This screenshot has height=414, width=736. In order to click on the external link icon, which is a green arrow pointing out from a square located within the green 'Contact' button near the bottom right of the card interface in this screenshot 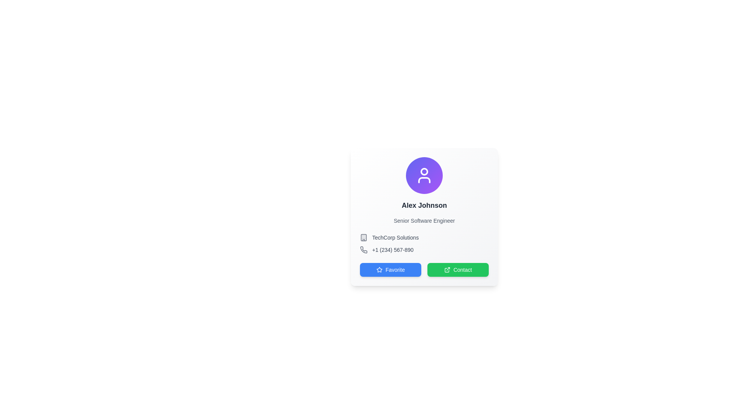, I will do `click(447, 269)`.